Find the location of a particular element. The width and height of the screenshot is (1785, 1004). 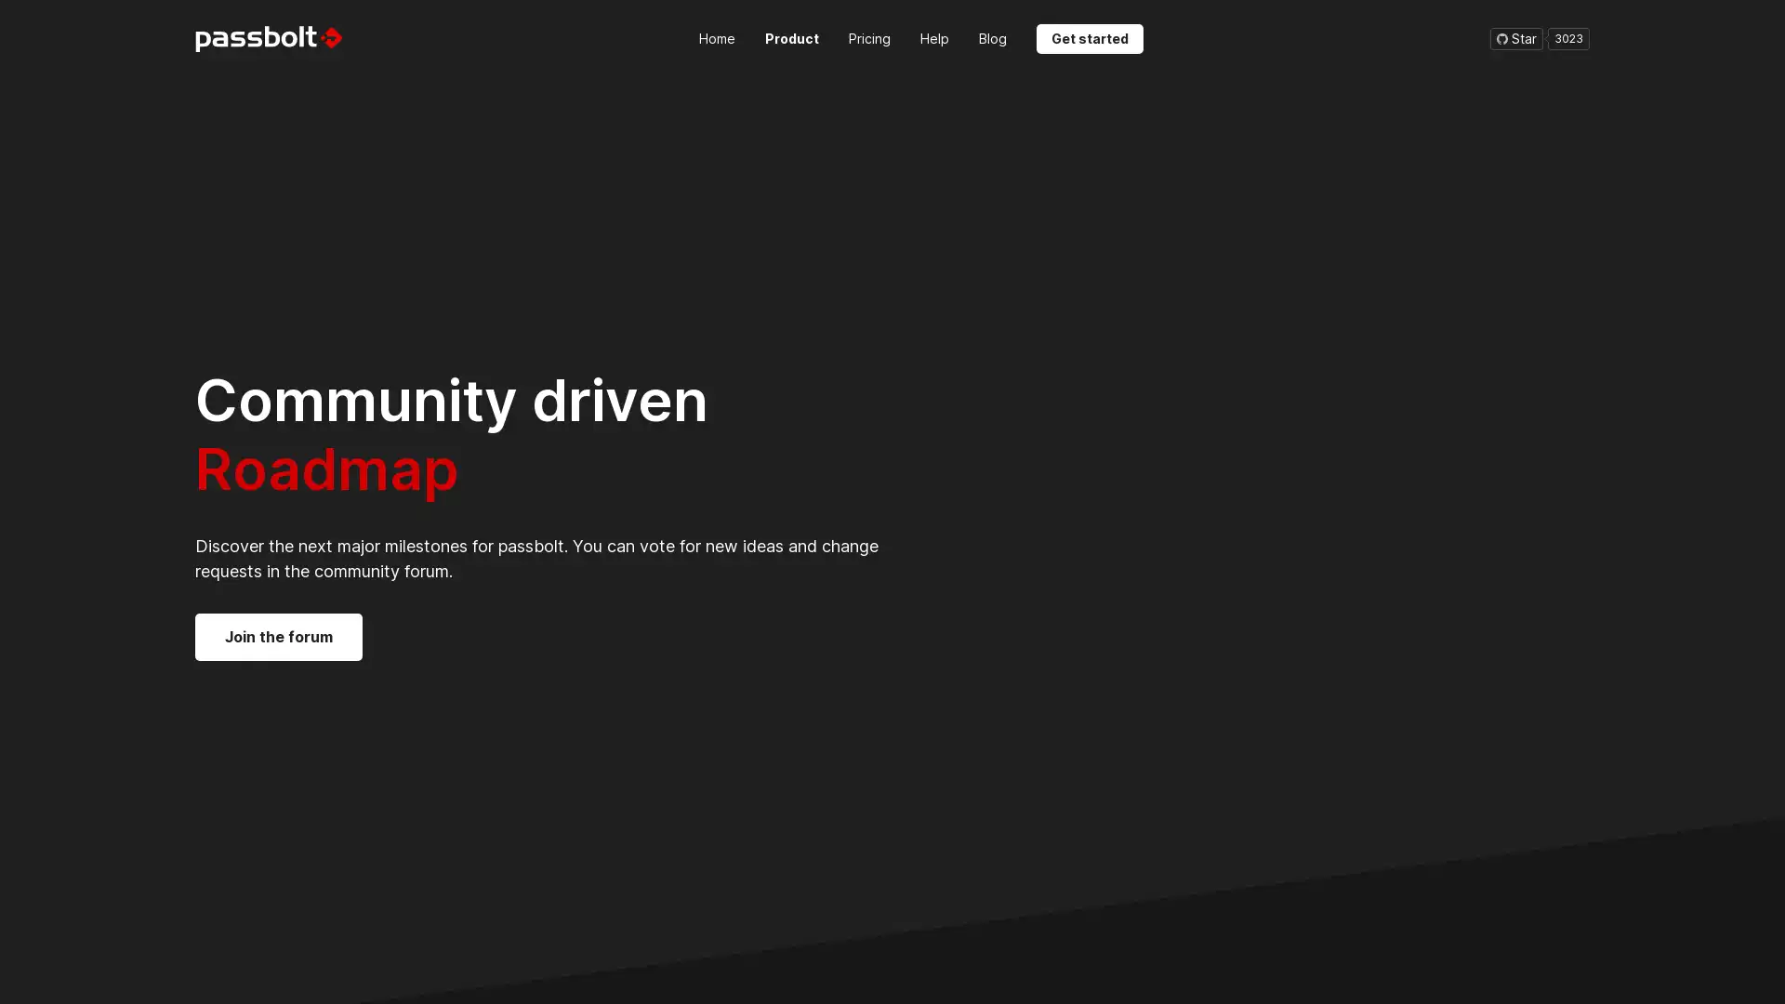

Get started is located at coordinates (1089, 38).